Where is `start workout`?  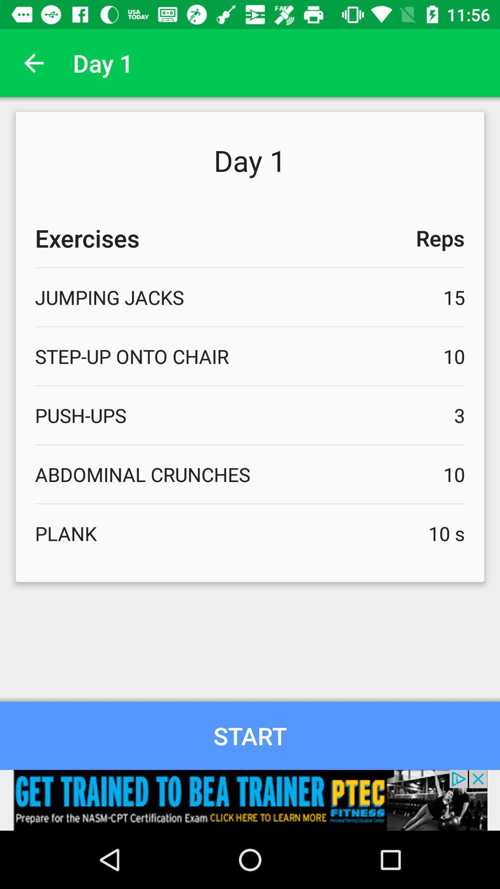
start workout is located at coordinates (250, 735).